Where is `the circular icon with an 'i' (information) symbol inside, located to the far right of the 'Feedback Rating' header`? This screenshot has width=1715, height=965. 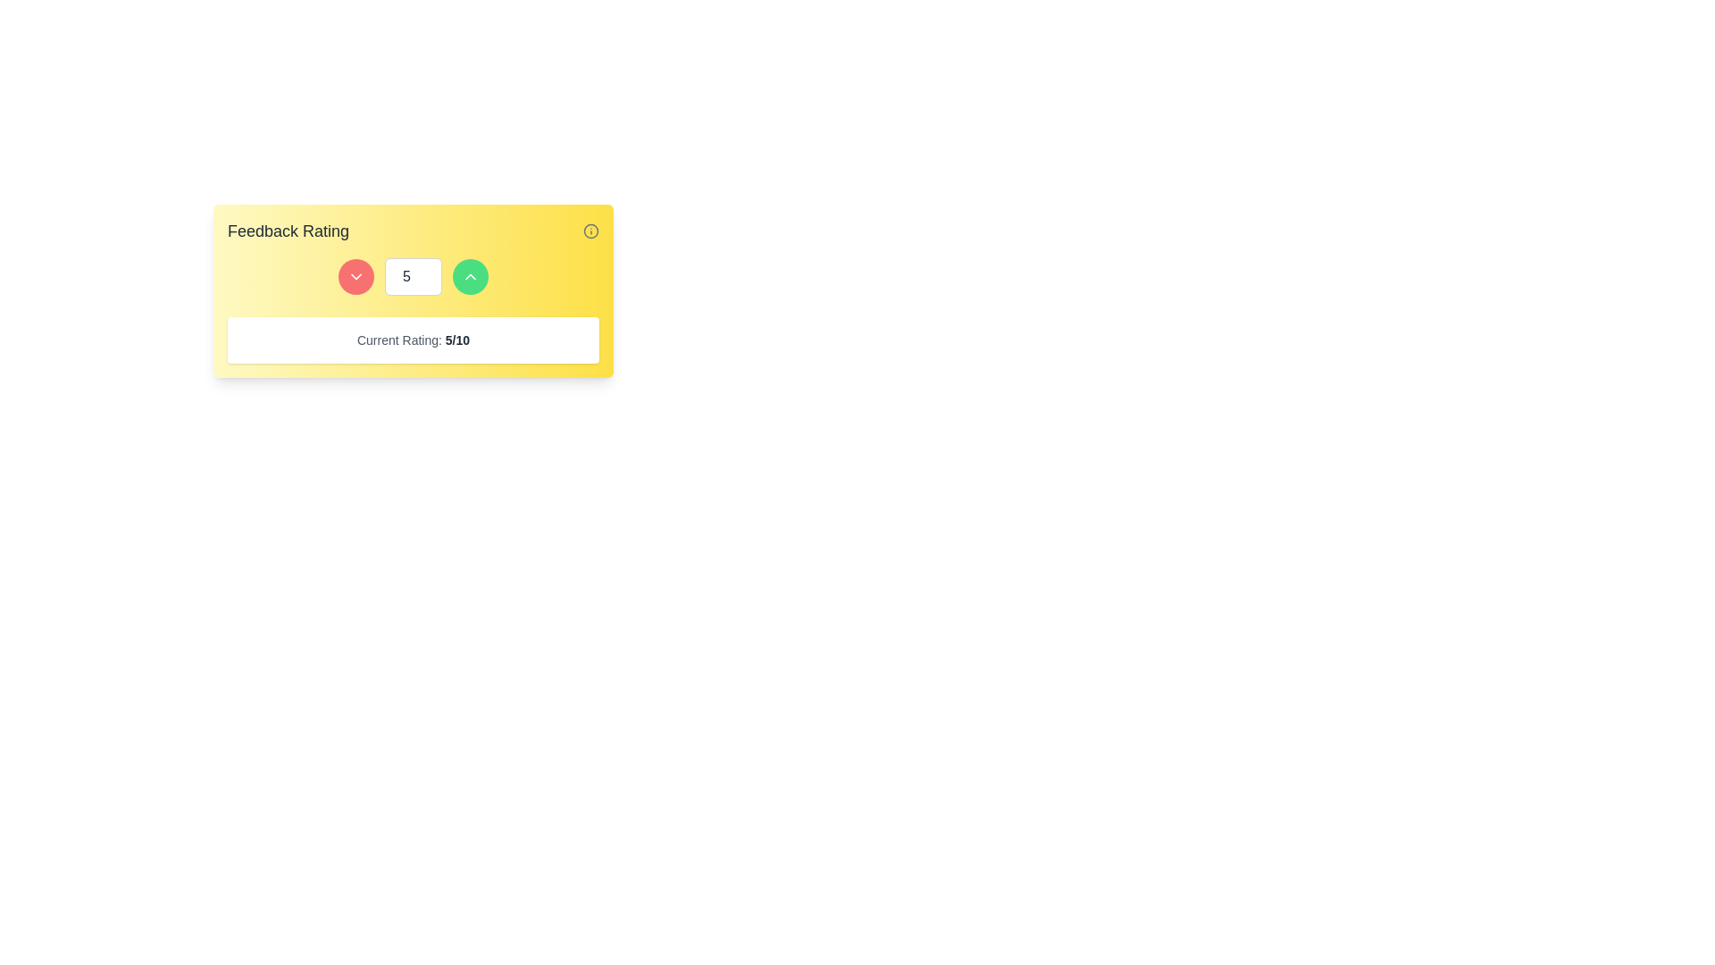
the circular icon with an 'i' (information) symbol inside, located to the far right of the 'Feedback Rating' header is located at coordinates (591, 230).